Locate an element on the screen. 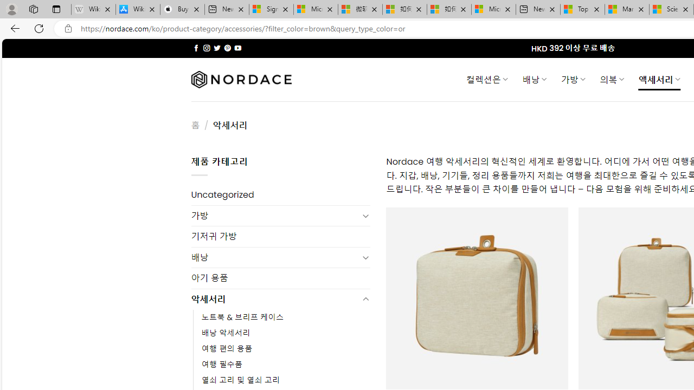 This screenshot has width=694, height=390. 'Buy iPad - Apple' is located at coordinates (182, 9).